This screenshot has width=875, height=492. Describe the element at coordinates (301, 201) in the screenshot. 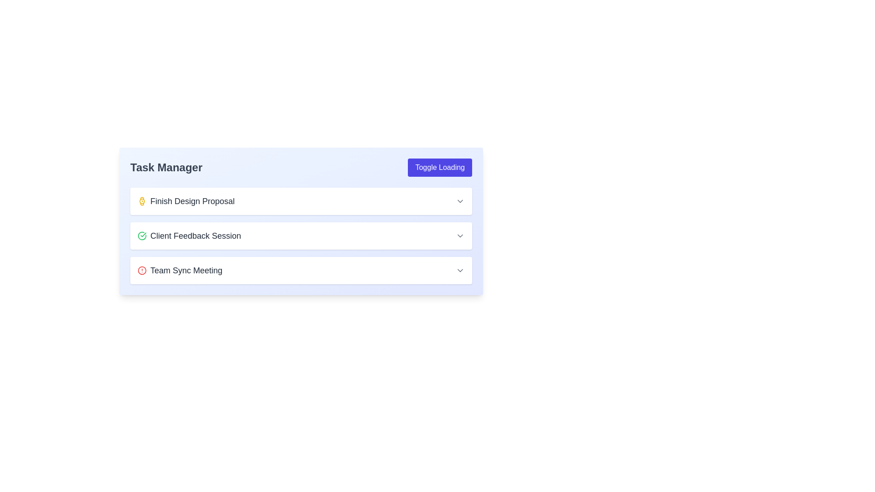

I see `the Collapsible Row` at that location.